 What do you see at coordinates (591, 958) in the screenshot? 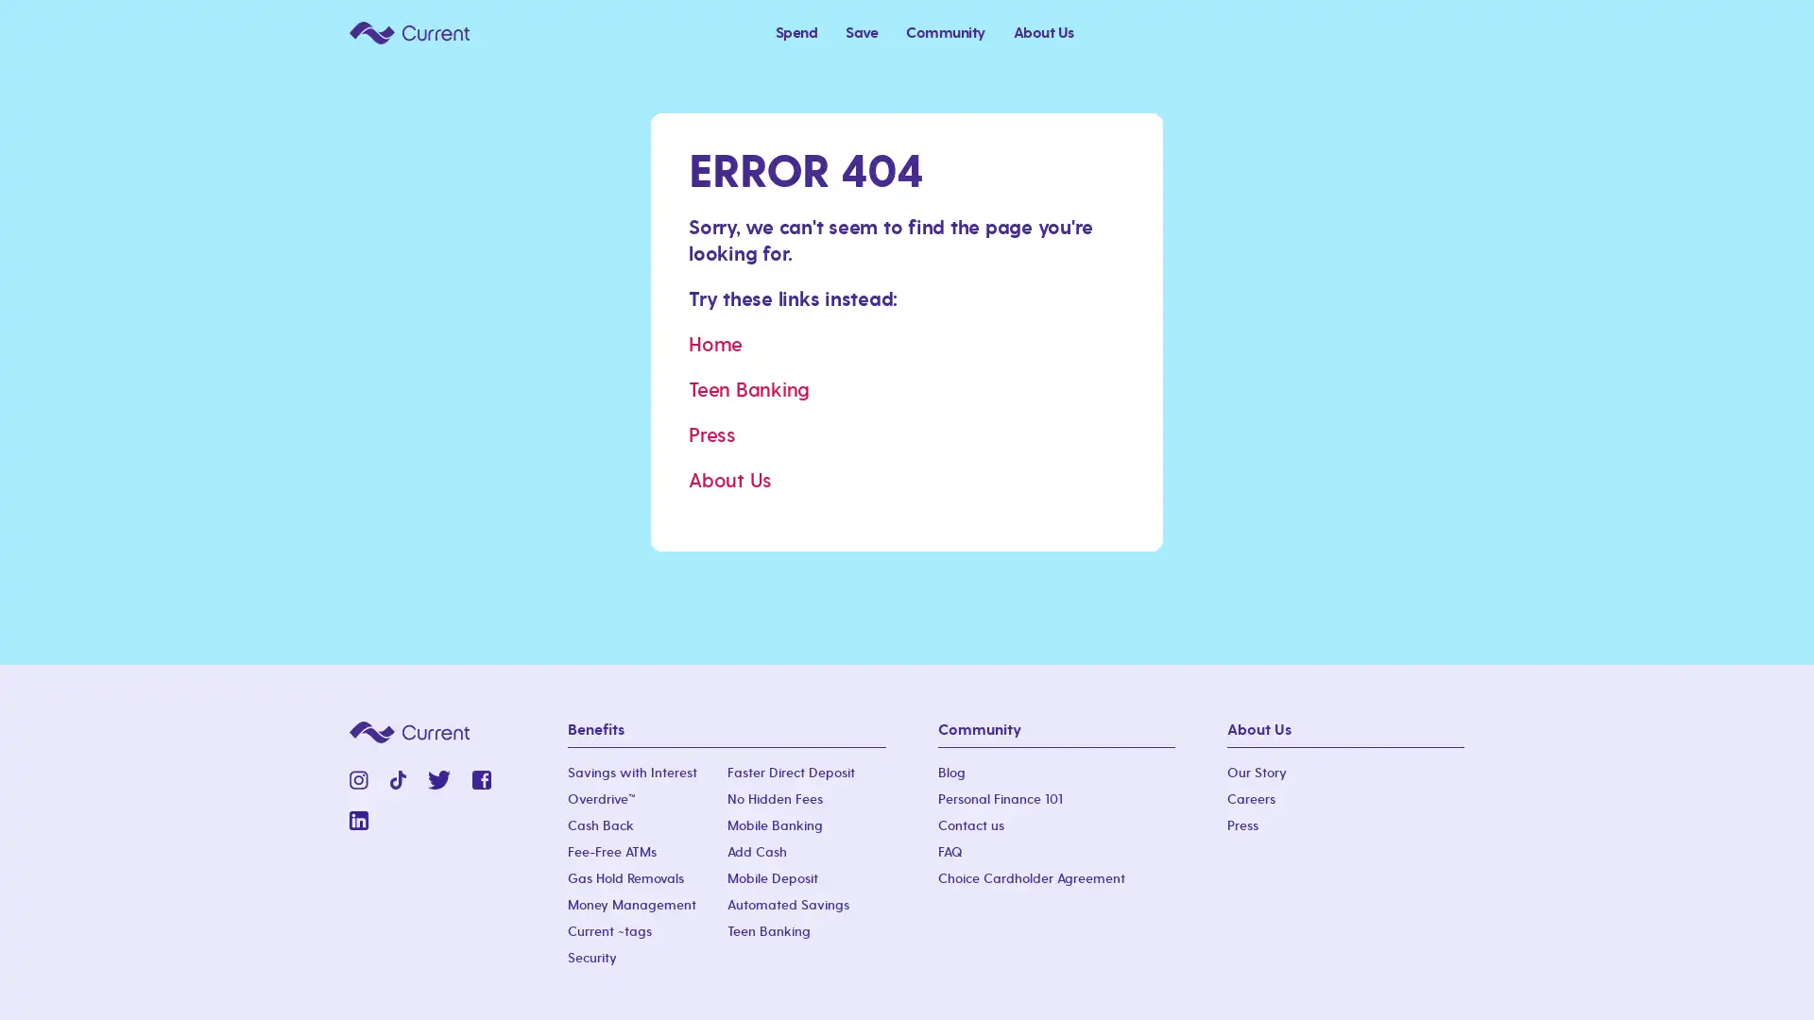
I see `Security` at bounding box center [591, 958].